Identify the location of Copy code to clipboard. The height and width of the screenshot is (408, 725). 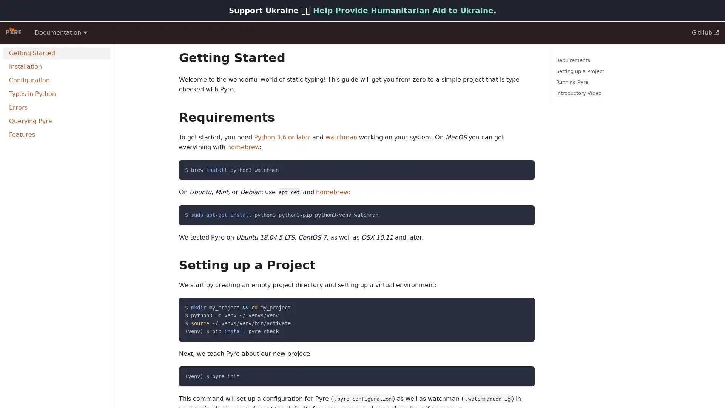
(522, 167).